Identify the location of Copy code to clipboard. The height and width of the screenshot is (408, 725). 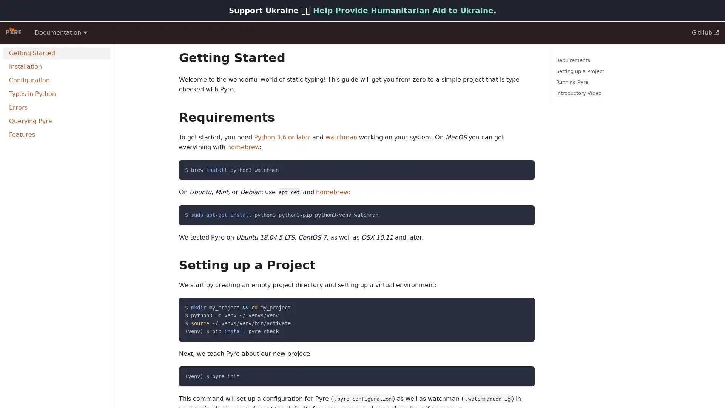
(522, 167).